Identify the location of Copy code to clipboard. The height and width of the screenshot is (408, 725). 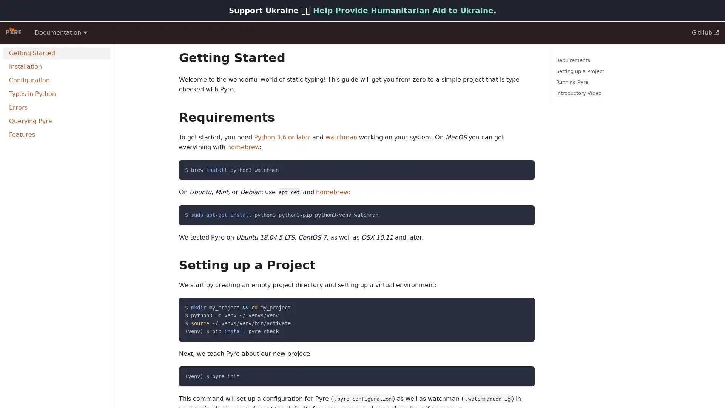
(522, 167).